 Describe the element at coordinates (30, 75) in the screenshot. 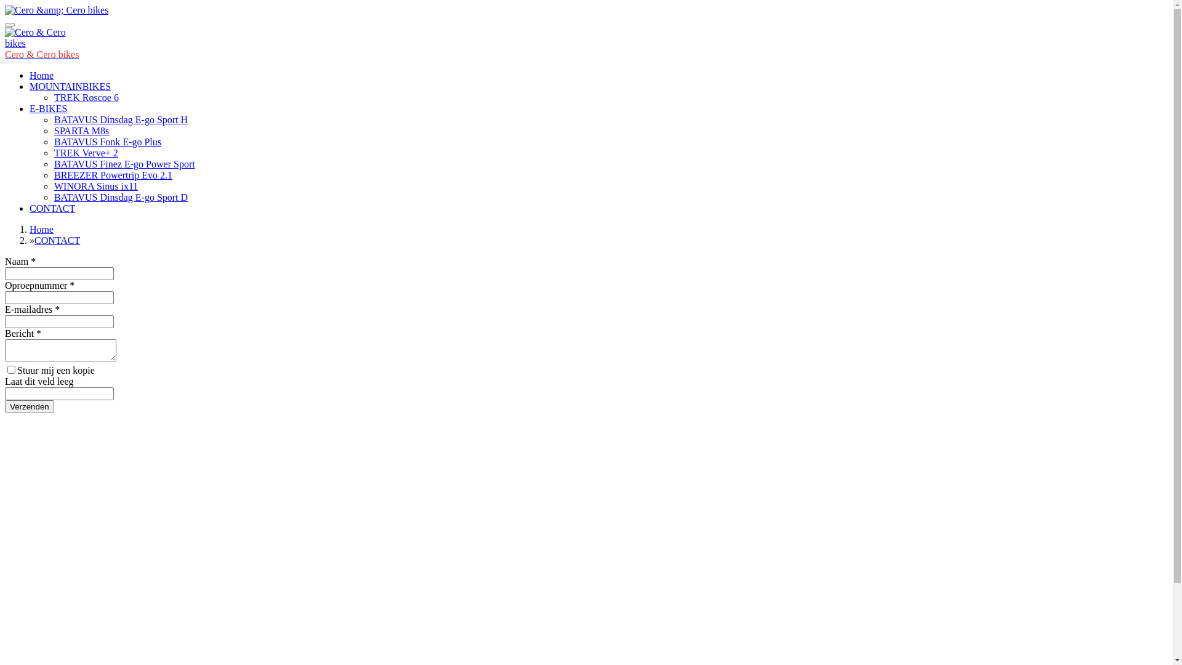

I see `'Home'` at that location.